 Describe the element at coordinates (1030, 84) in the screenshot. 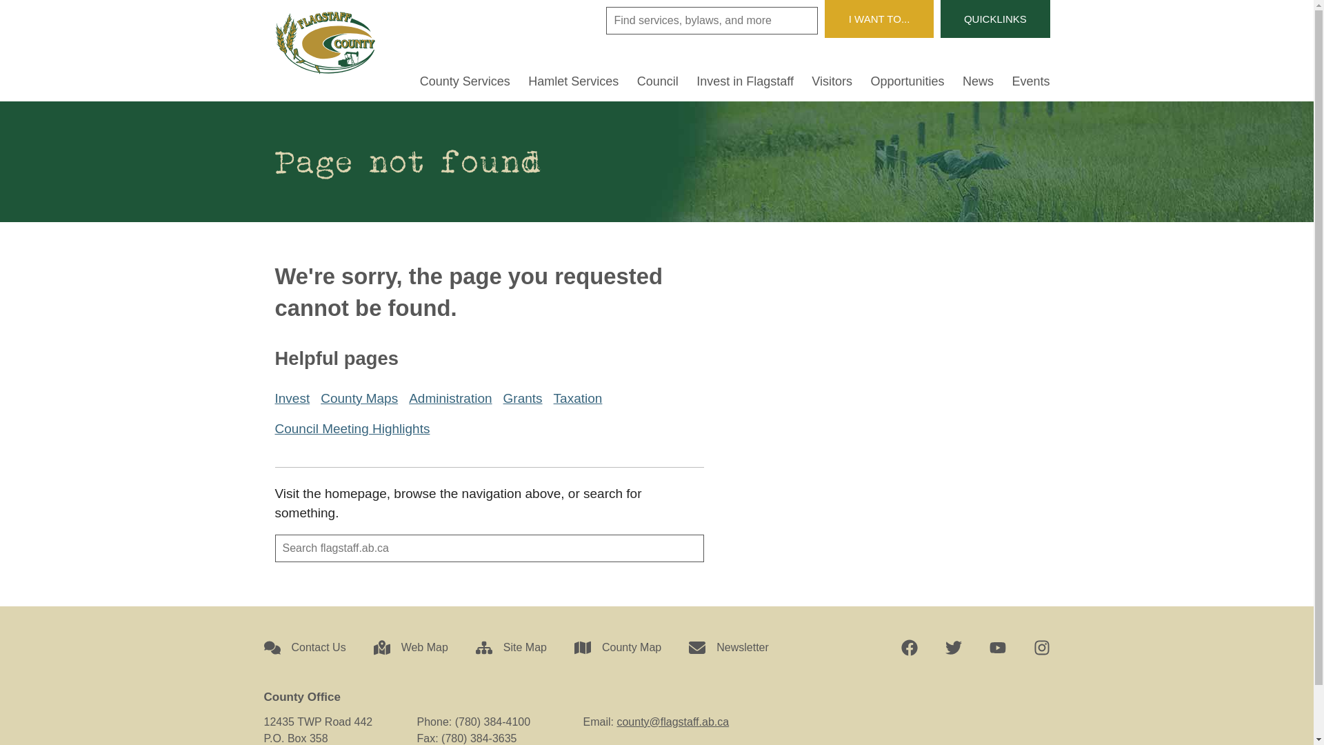

I see `'Events'` at that location.